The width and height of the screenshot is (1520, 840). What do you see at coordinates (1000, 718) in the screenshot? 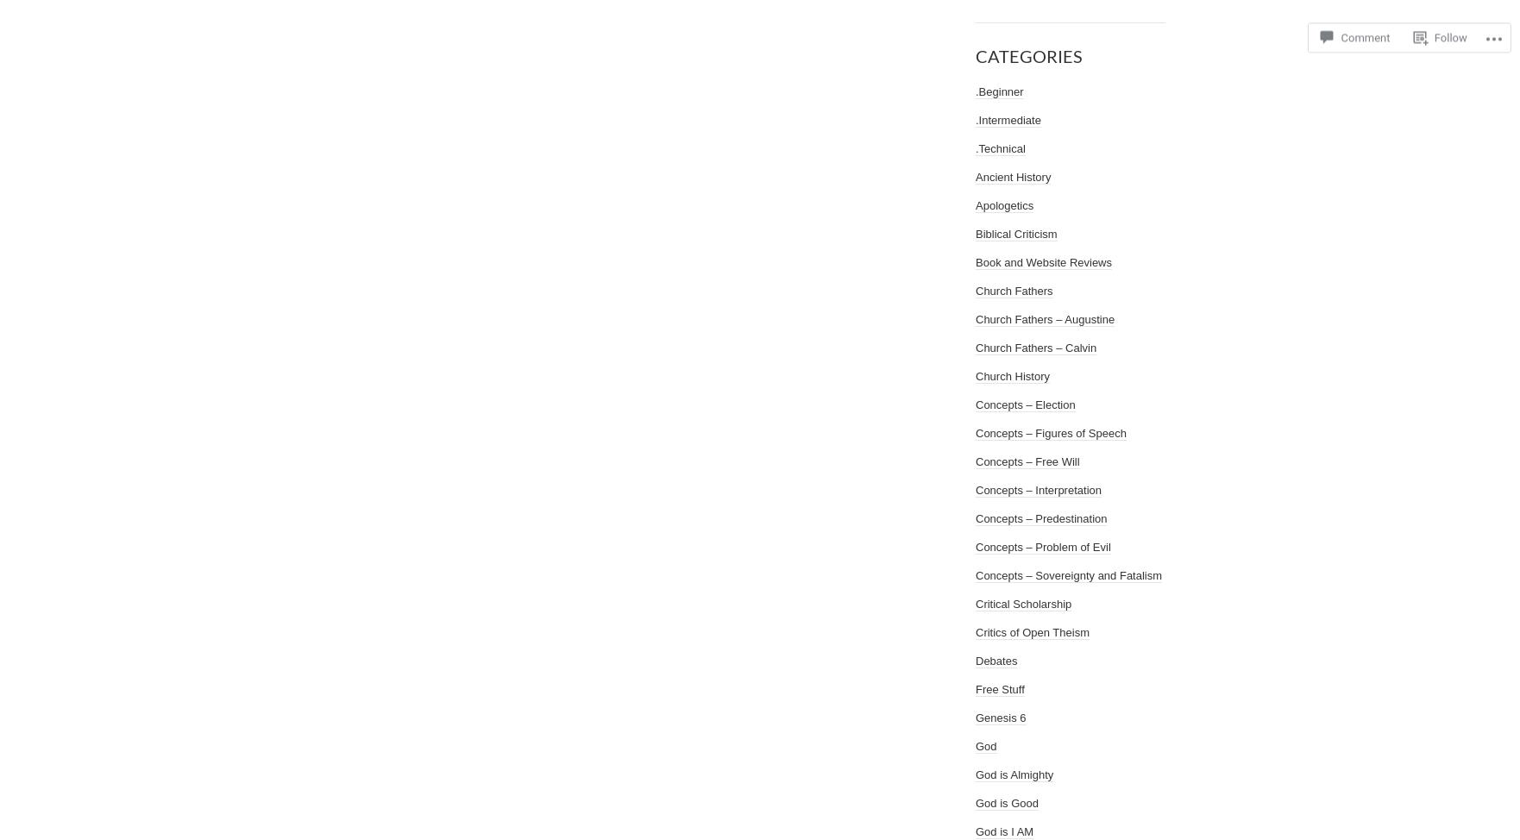
I see `'Genesis 6'` at bounding box center [1000, 718].